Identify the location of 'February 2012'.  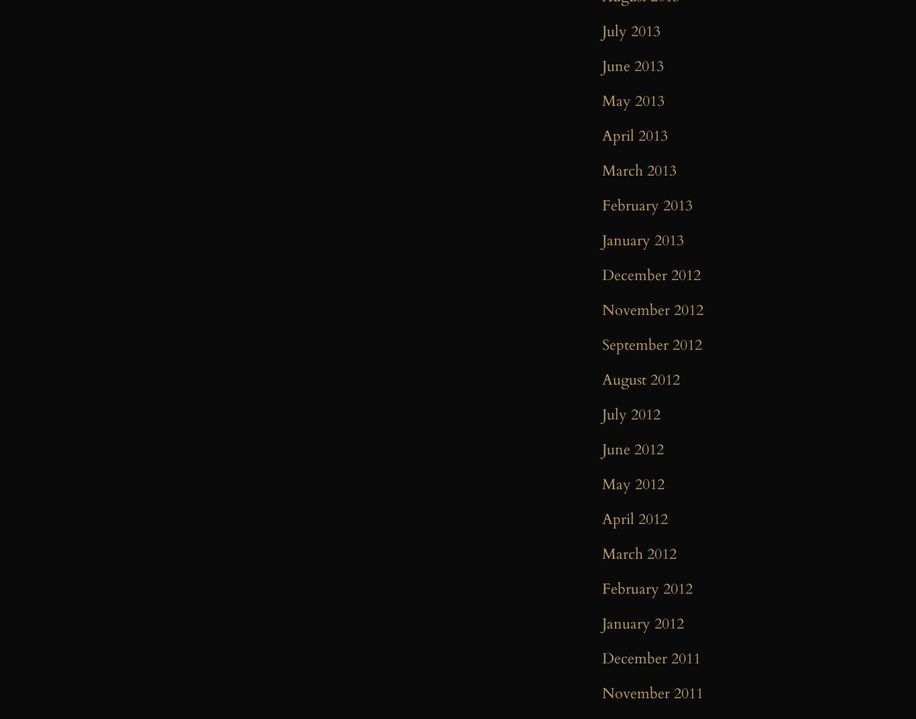
(647, 588).